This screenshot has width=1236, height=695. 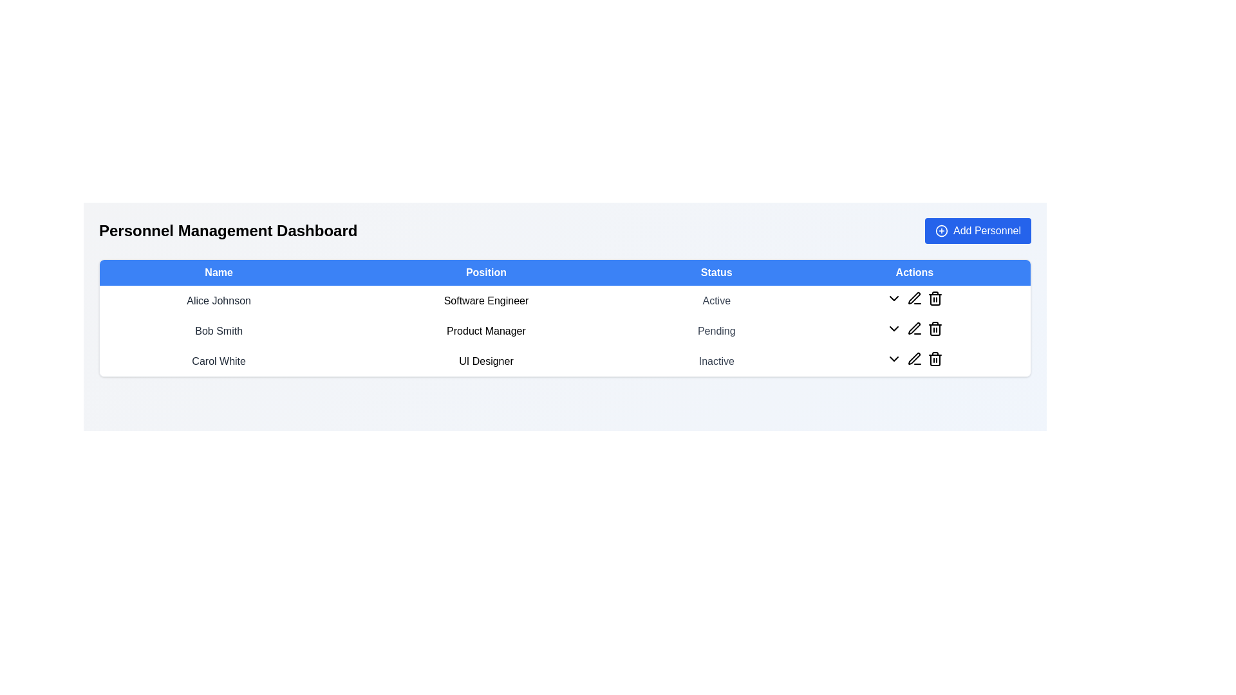 What do you see at coordinates (913, 272) in the screenshot?
I see `the 'Actions' text label located at the far-right end of the header row in the table, which serves to label the associated action buttons for each row` at bounding box center [913, 272].